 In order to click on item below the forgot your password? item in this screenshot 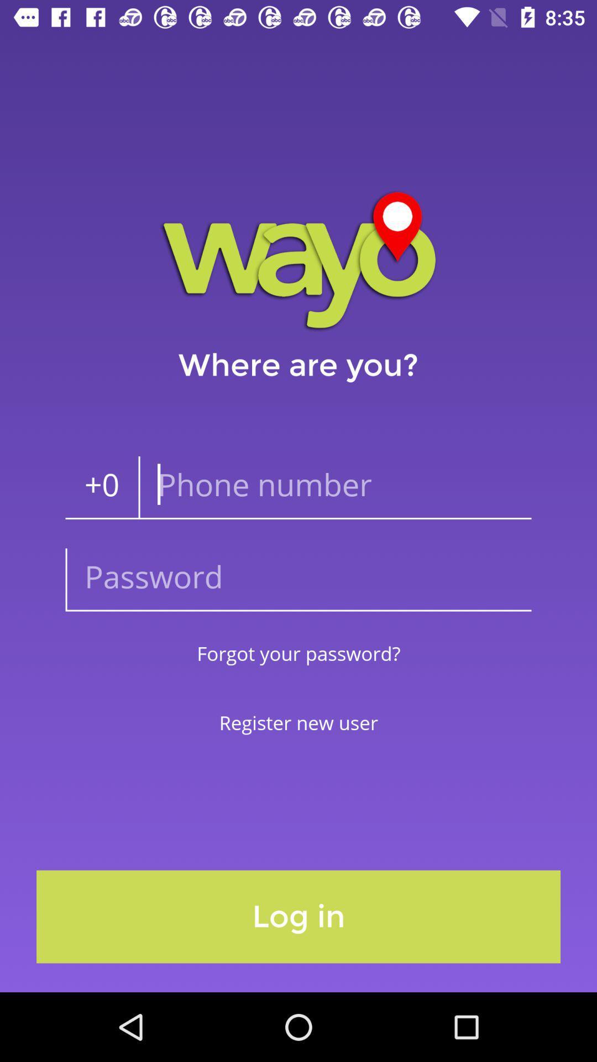, I will do `click(298, 722)`.